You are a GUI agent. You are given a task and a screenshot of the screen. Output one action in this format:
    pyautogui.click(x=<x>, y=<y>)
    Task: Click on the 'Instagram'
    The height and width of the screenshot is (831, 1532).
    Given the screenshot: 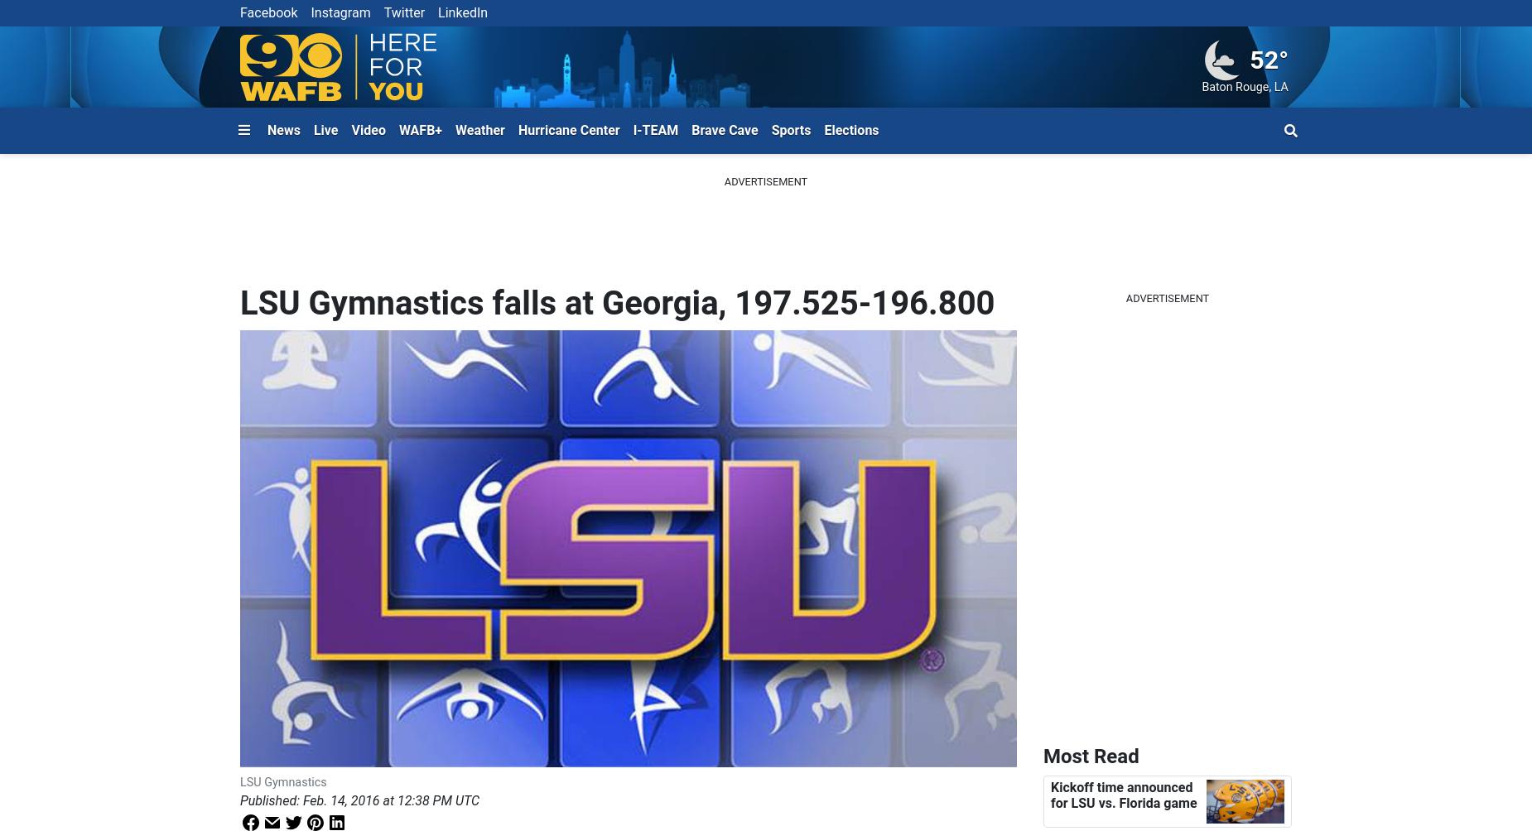 What is the action you would take?
    pyautogui.click(x=340, y=12)
    